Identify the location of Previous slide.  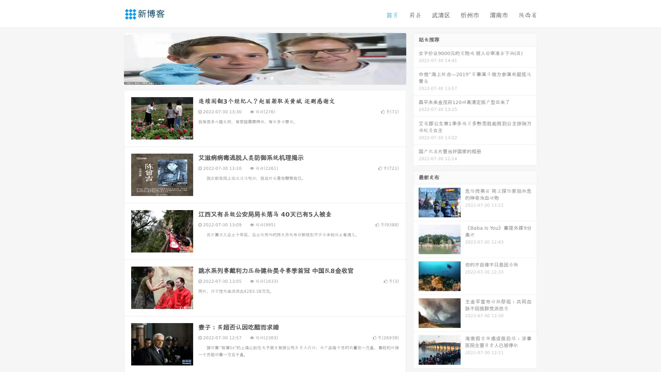
(114, 58).